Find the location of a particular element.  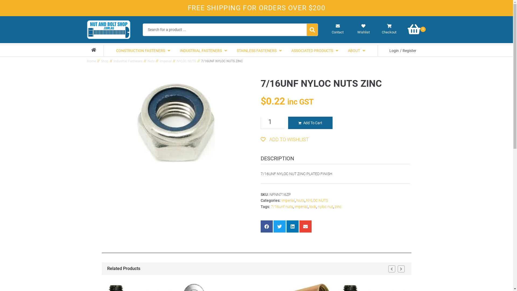

'Login' is located at coordinates (394, 51).